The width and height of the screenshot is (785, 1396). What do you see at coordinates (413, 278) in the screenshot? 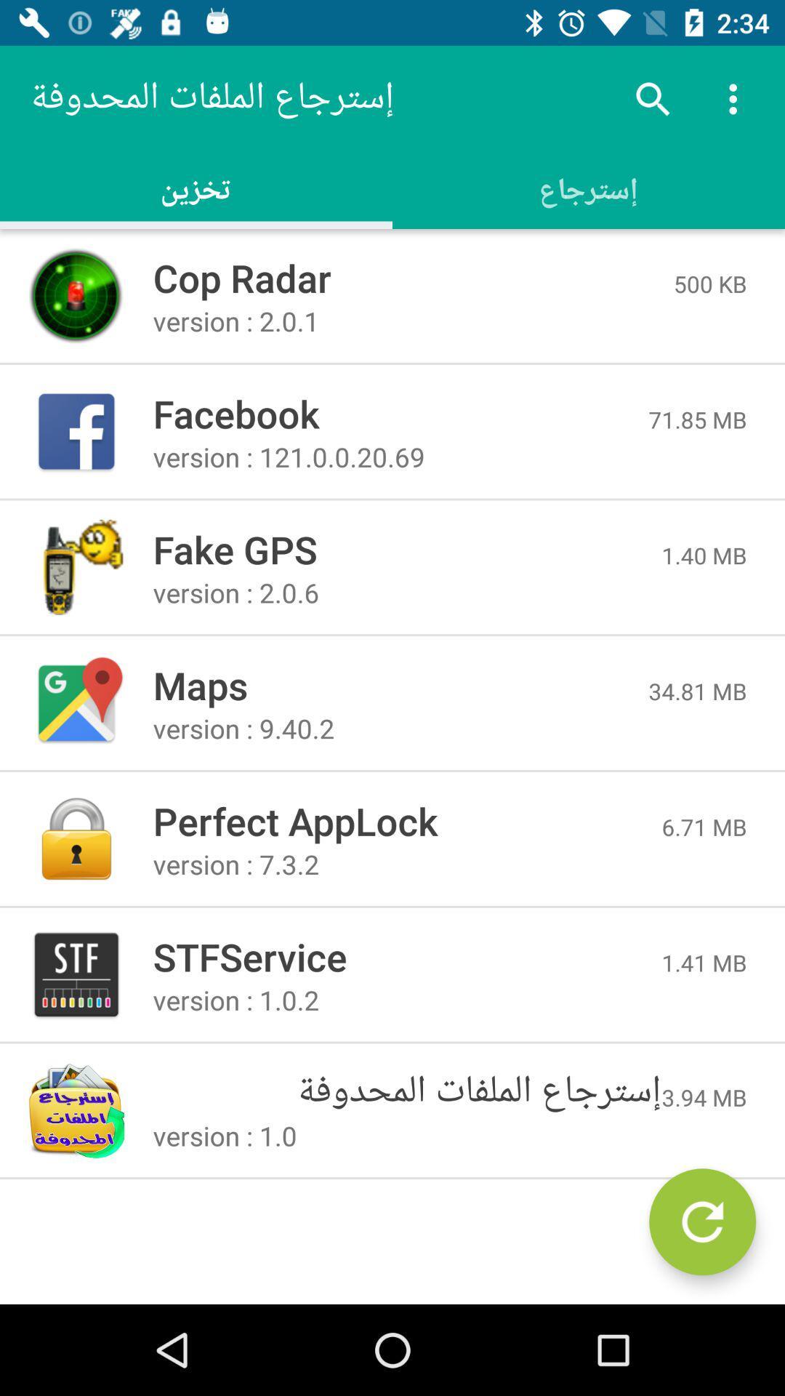
I see `the icon to the left of the 500 kb icon` at bounding box center [413, 278].